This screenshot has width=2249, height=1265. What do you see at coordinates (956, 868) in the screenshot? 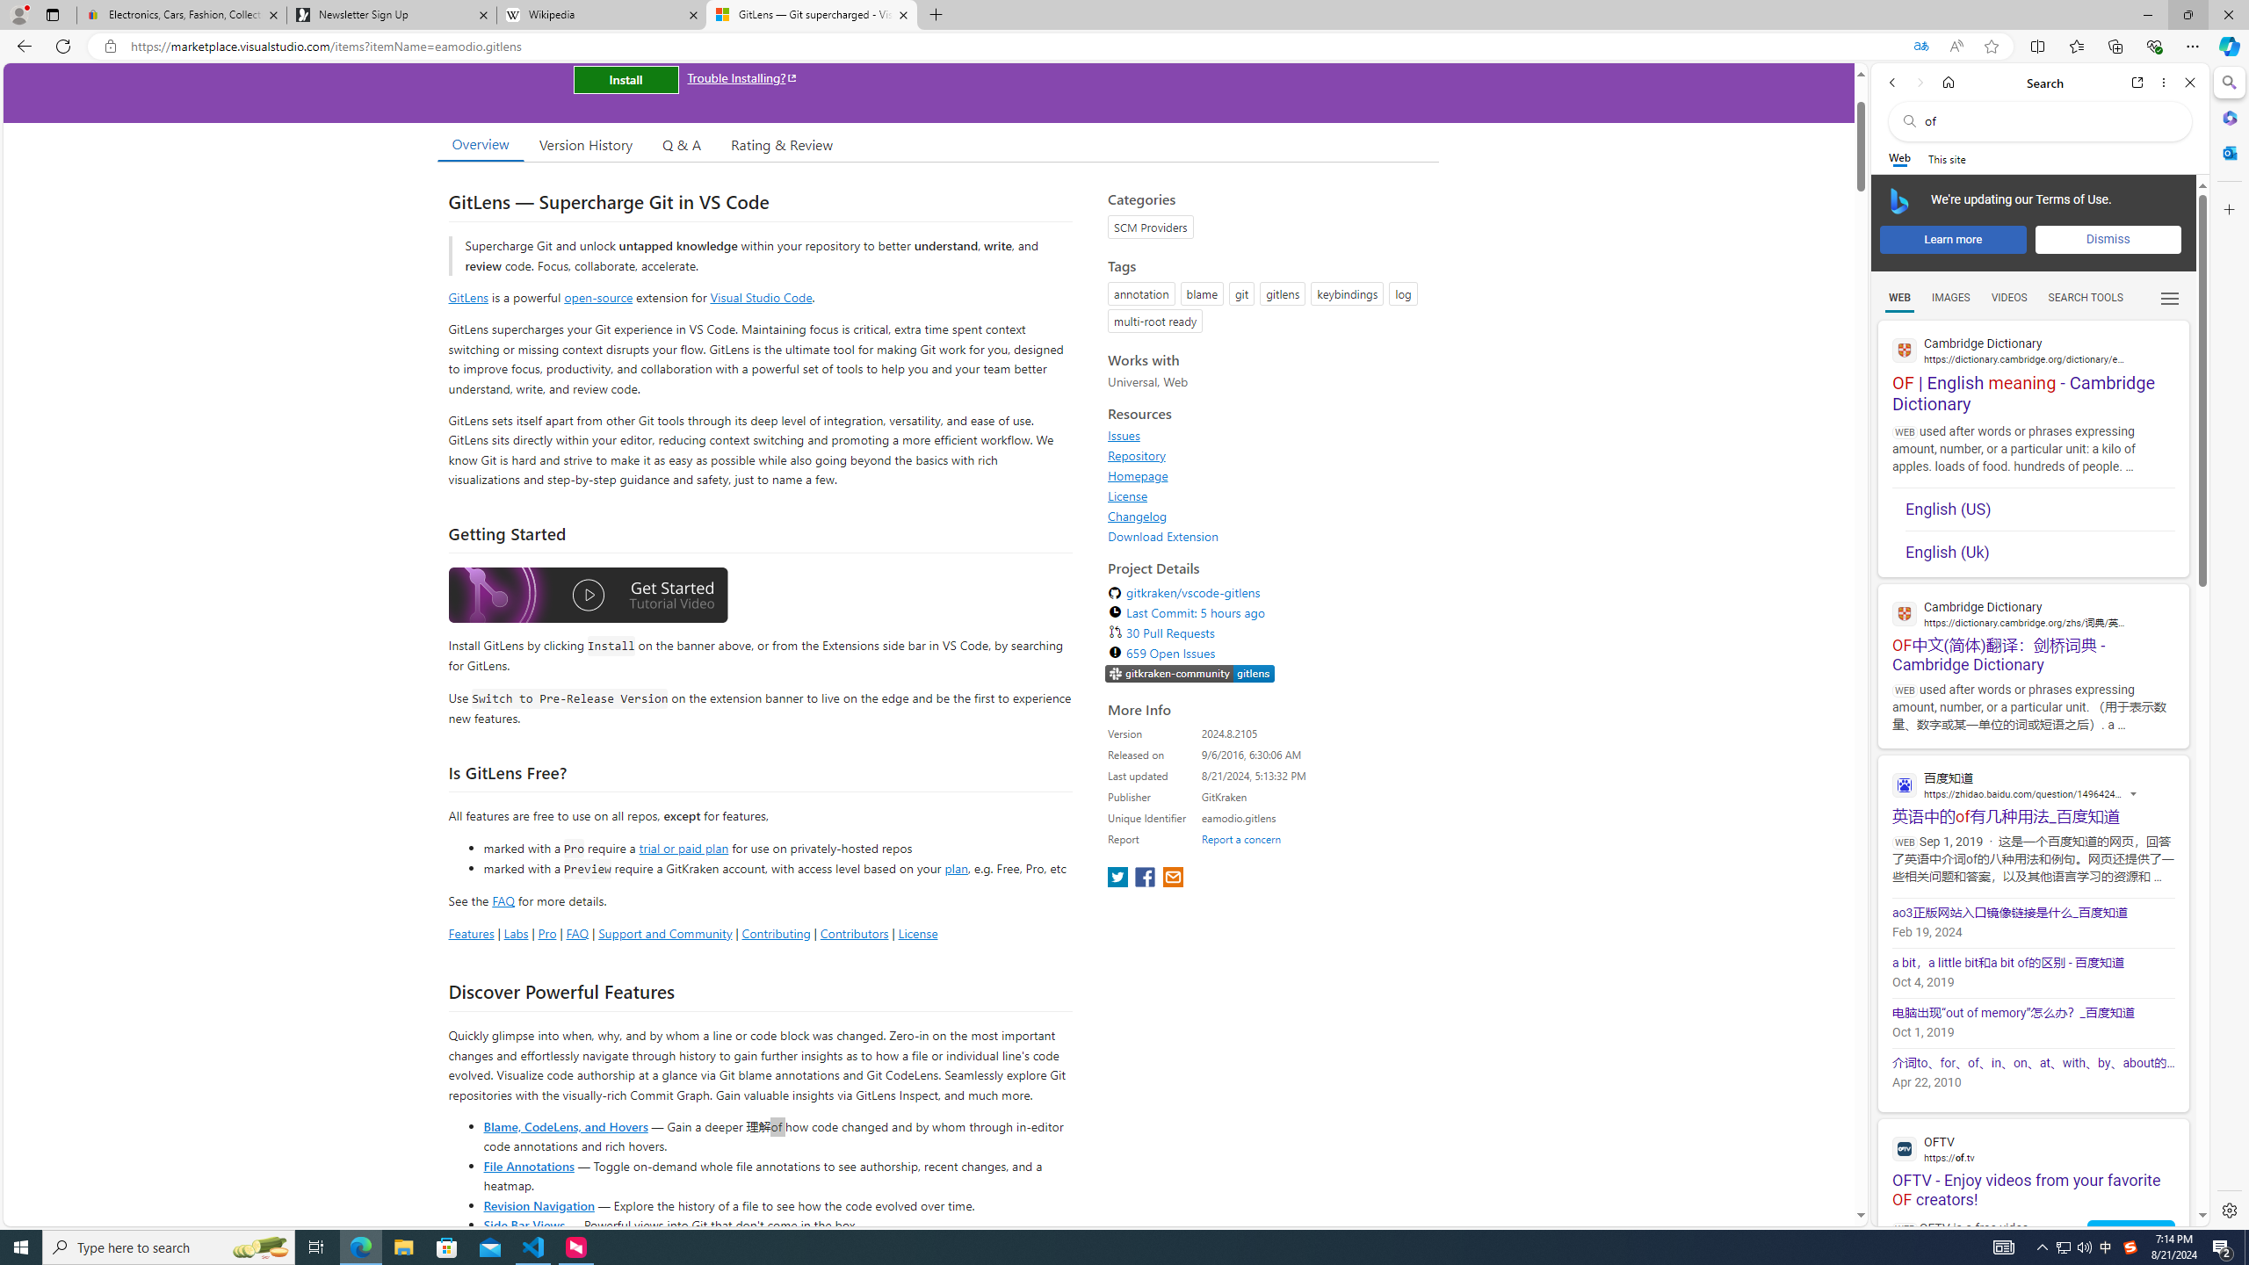
I see `'plan'` at bounding box center [956, 868].